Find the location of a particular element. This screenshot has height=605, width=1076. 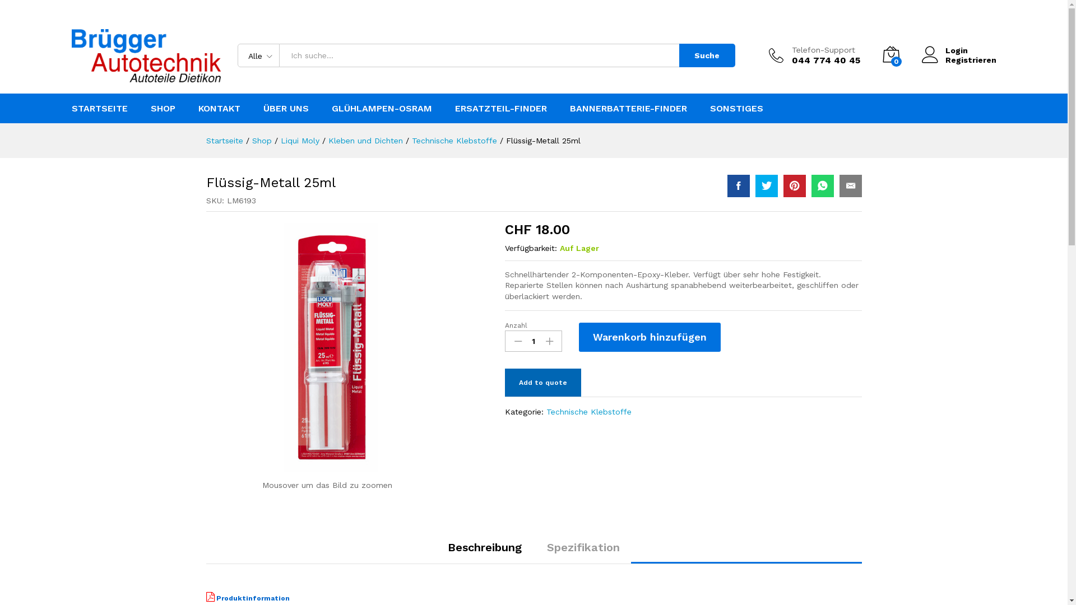

'BANNERBATTERIE-FINDER' is located at coordinates (628, 108).